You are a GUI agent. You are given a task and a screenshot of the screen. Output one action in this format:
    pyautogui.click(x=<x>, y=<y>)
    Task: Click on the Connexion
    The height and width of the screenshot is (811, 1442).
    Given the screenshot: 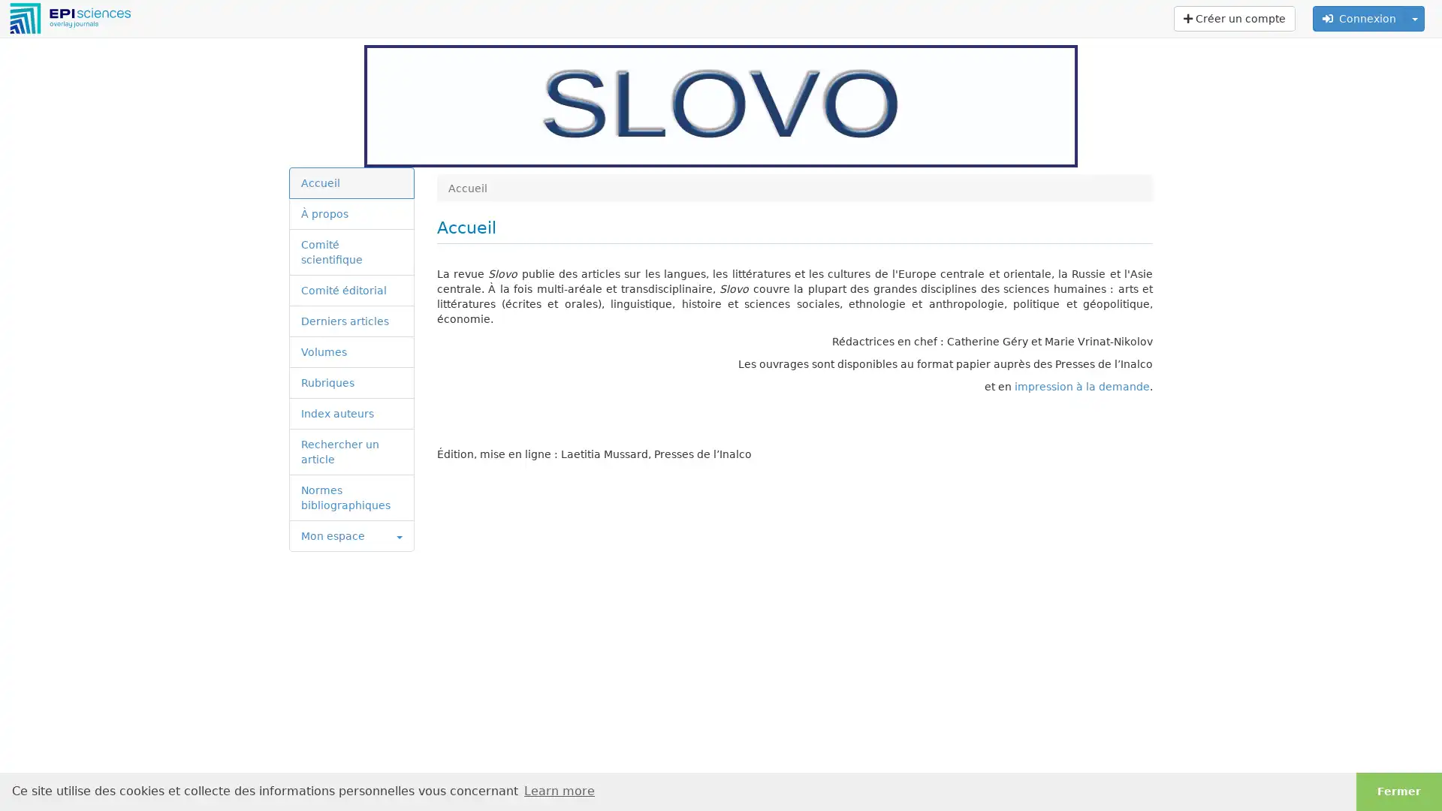 What is the action you would take?
    pyautogui.click(x=1359, y=18)
    